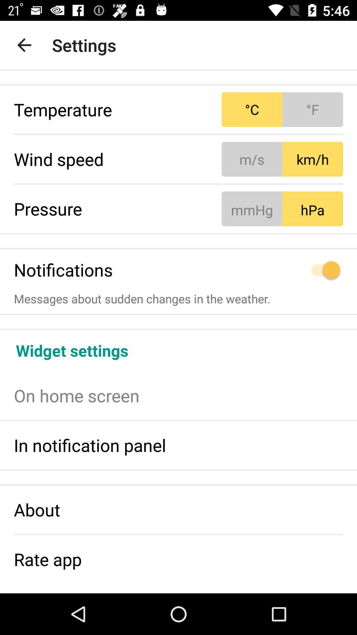  What do you see at coordinates (282, 109) in the screenshot?
I see `the item to the right of the temperature` at bounding box center [282, 109].